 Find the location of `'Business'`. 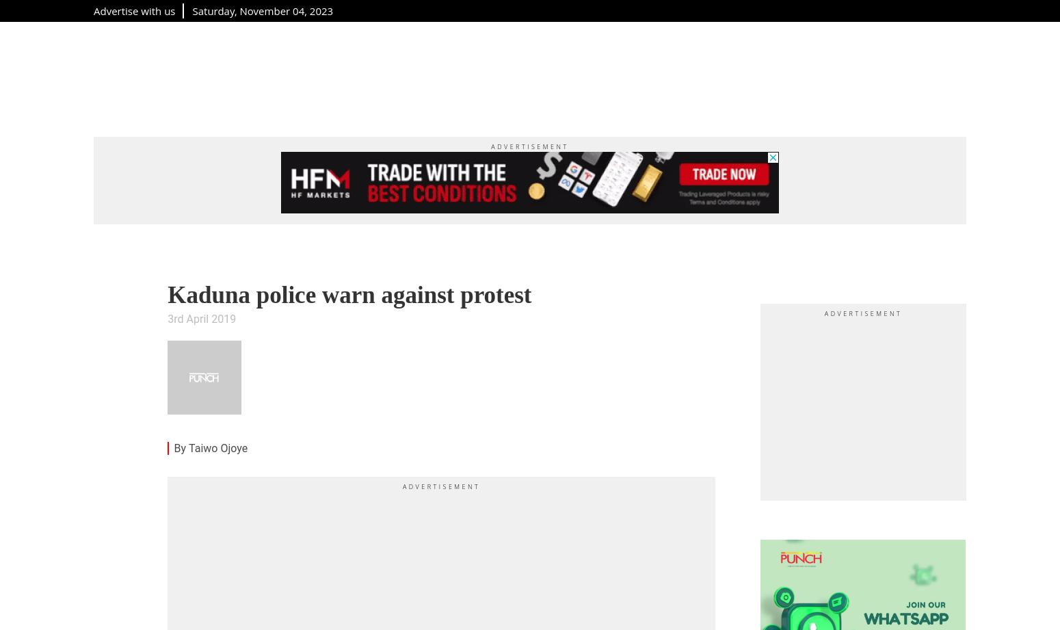

'Business' is located at coordinates (598, 76).